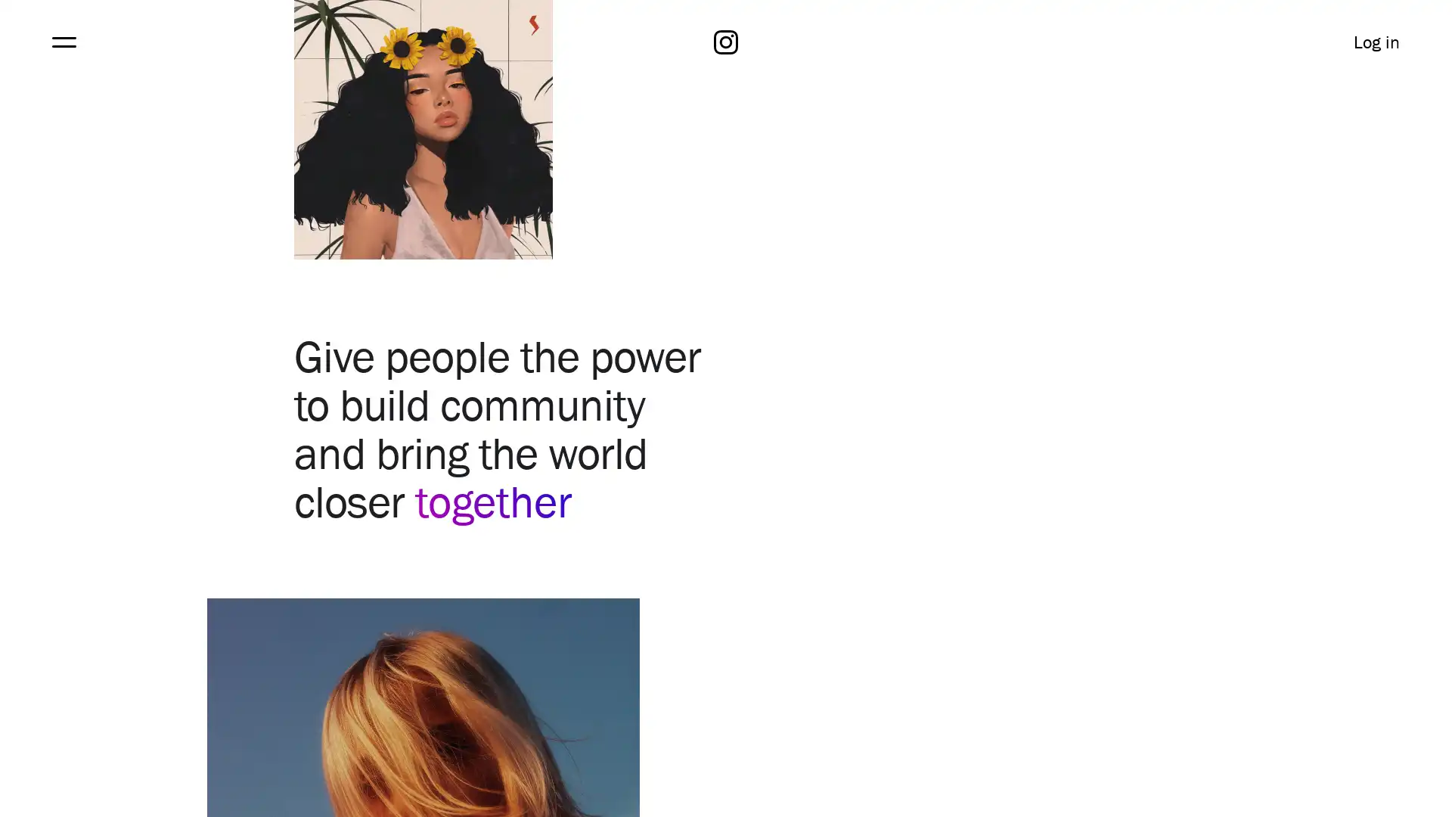  Describe the element at coordinates (62, 42) in the screenshot. I see `Site Navigation menu` at that location.